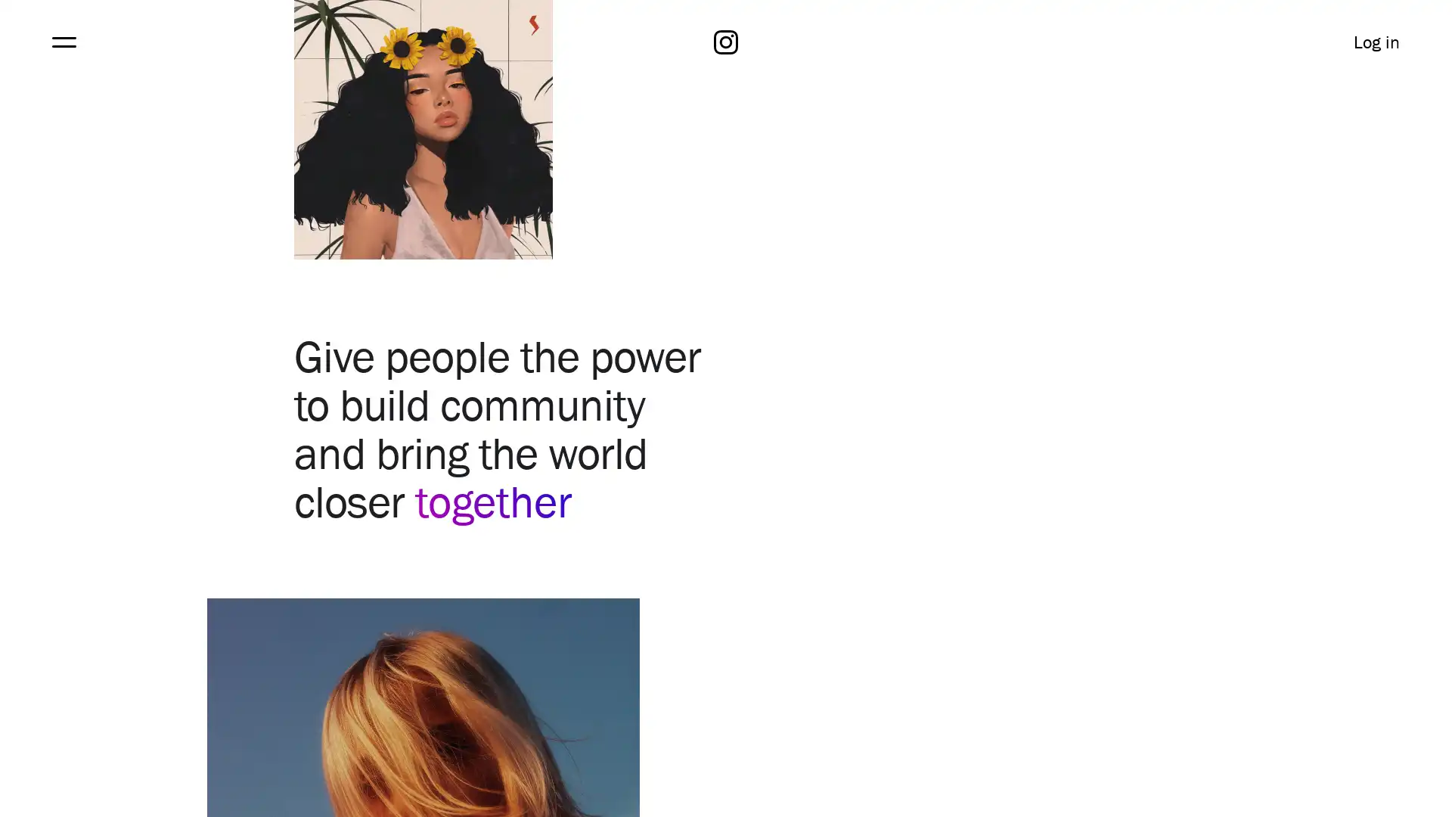  Describe the element at coordinates (62, 42) in the screenshot. I see `Site Navigation menu` at that location.